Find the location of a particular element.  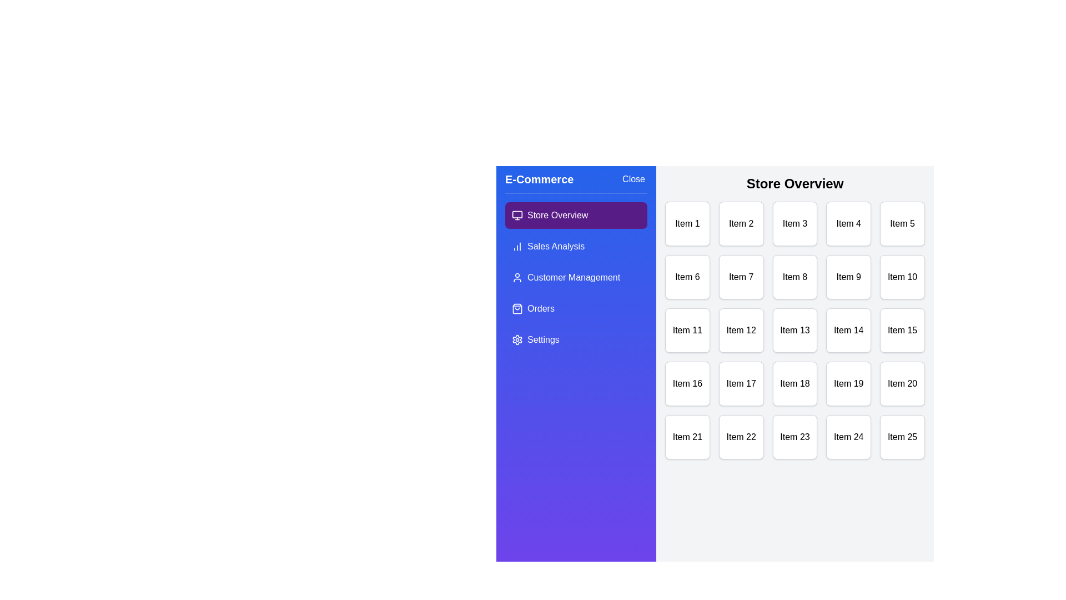

the menu option Orders from the drawer is located at coordinates (576, 308).